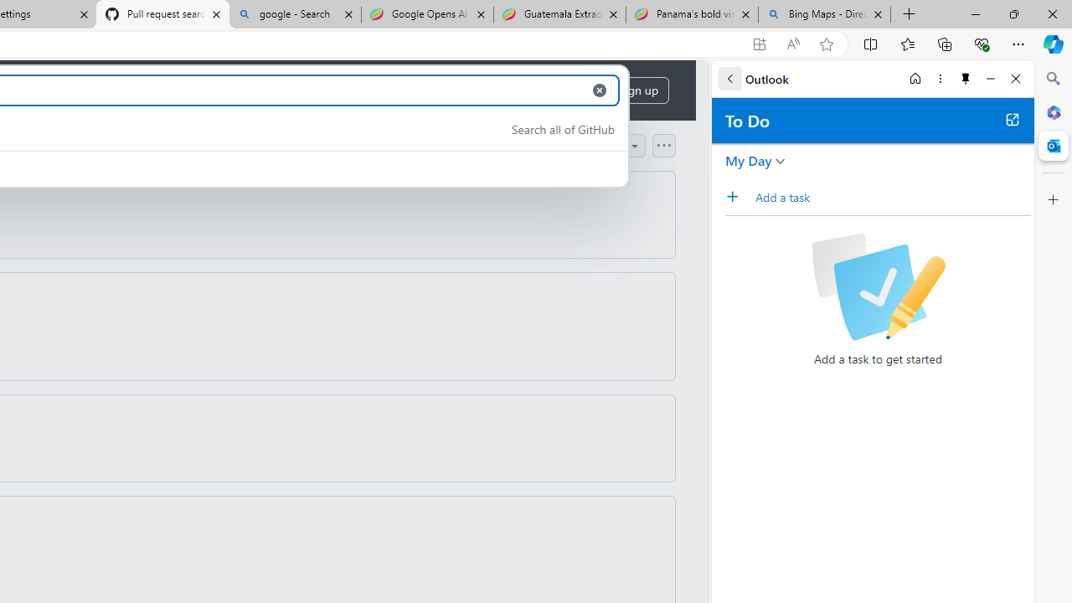  I want to click on 'Checkbox with a pencil', so click(877, 286).